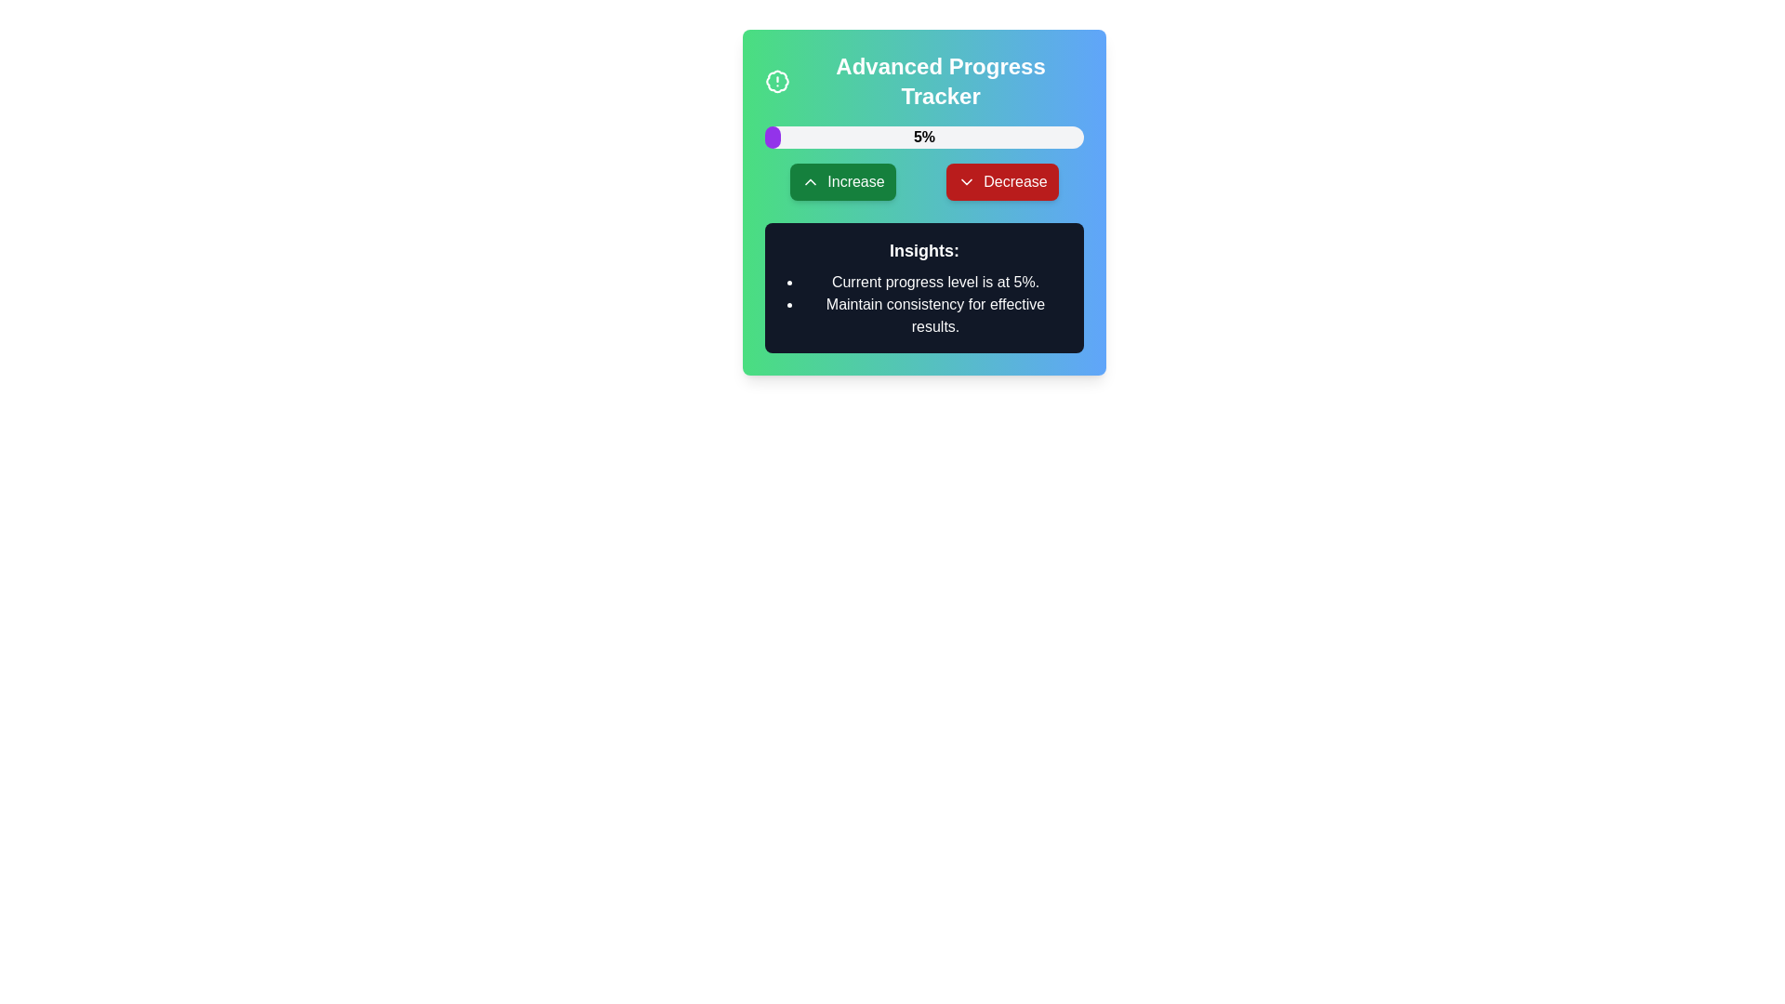 This screenshot has height=1004, width=1785. What do you see at coordinates (967, 182) in the screenshot?
I see `the chevron-down icon, which is styled with a thin stroke in white color and positioned to the left of the 'Decrease' text inside a red button` at bounding box center [967, 182].